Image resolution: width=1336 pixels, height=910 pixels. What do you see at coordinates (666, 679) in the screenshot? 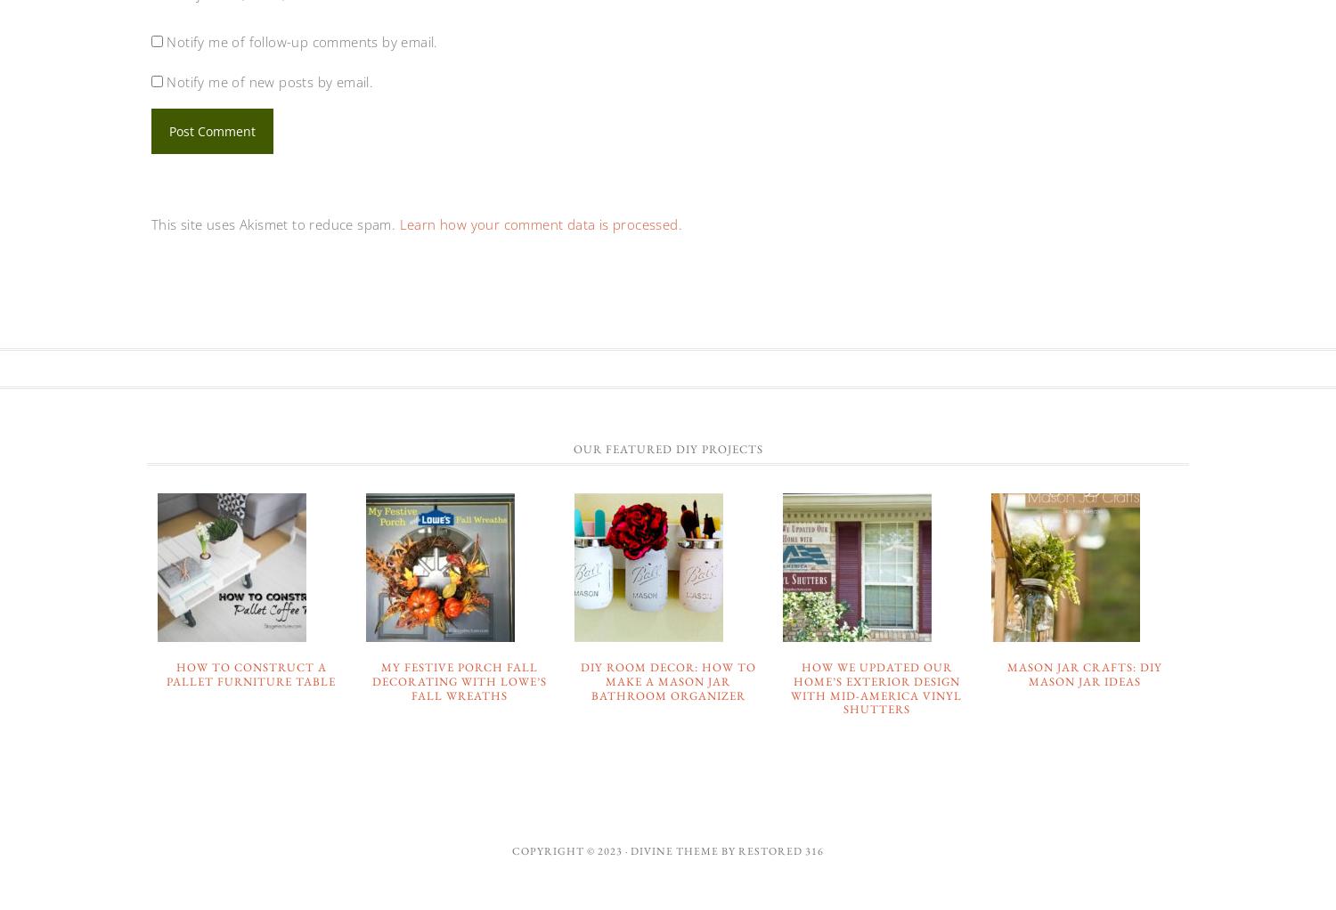
I see `'DIY Room Decor: How to Make a Mason Jar Bathroom Organizer'` at bounding box center [666, 679].